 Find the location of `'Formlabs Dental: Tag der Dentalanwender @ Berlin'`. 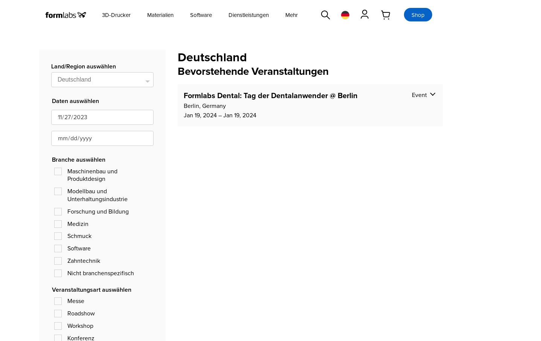

'Formlabs Dental: Tag der Dentalanwender @ Berlin' is located at coordinates (183, 95).